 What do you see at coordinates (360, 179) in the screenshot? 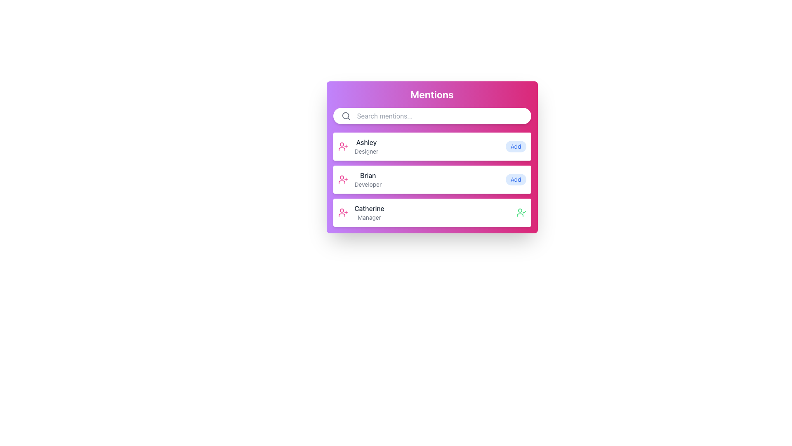
I see `the text display element containing the name 'Brian' and the title 'Developer' with an associated user icon` at bounding box center [360, 179].